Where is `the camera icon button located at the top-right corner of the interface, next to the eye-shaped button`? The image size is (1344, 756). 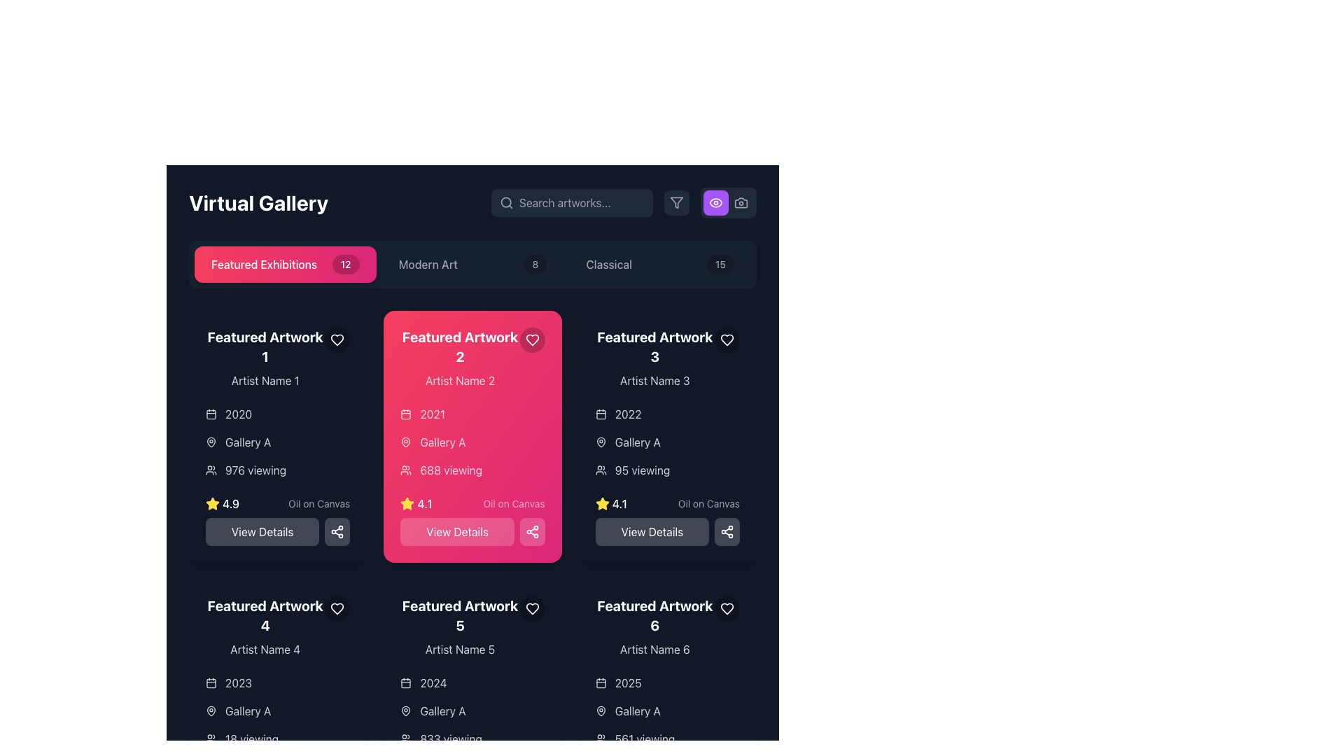
the camera icon button located at the top-right corner of the interface, next to the eye-shaped button is located at coordinates (741, 202).